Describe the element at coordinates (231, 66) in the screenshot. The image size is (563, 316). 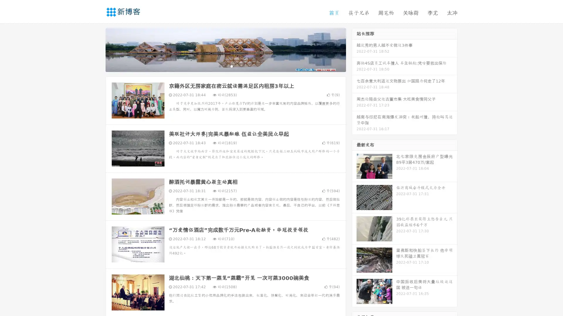
I see `Go to slide 3` at that location.